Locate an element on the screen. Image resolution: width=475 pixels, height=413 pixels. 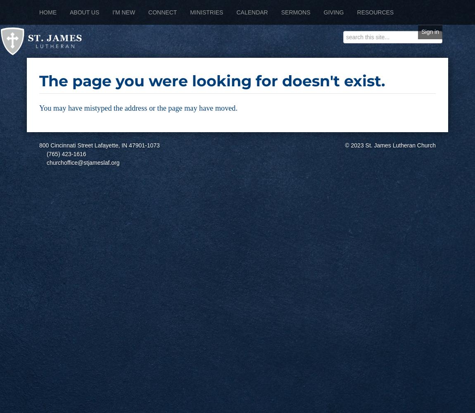
'800 Cincinnati Street
Lafayette, IN  47901-1073' is located at coordinates (38, 145).